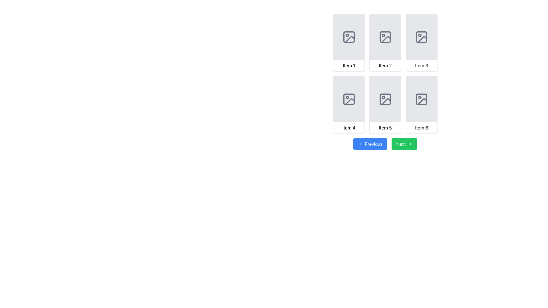 The width and height of the screenshot is (548, 308). Describe the element at coordinates (385, 127) in the screenshot. I see `text displayed in the Static text display element labeled 'Item 5', which is centered below an image placeholder in the fifth card of a 3x2 grid` at that location.